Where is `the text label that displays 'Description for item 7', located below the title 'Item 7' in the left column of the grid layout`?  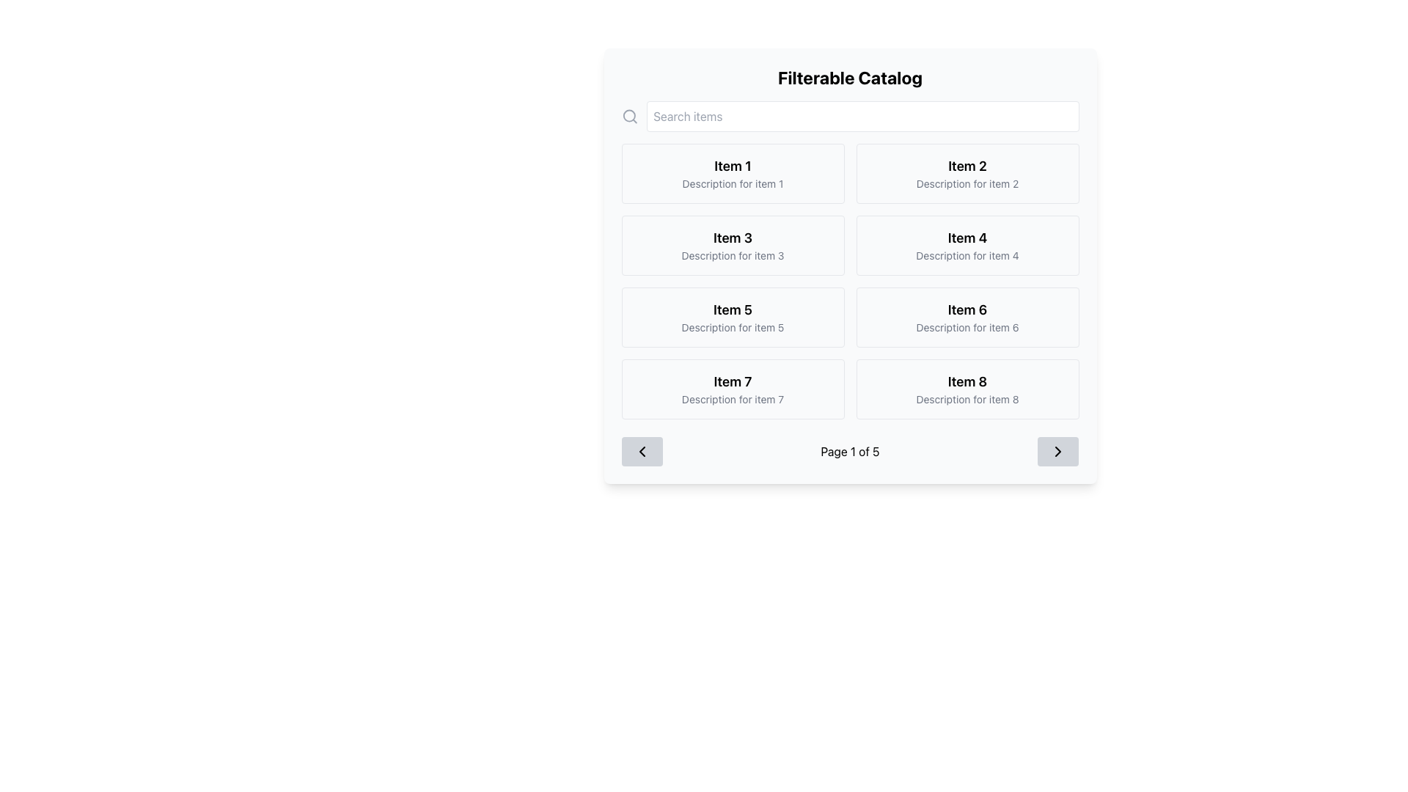 the text label that displays 'Description for item 7', located below the title 'Item 7' in the left column of the grid layout is located at coordinates (733, 399).